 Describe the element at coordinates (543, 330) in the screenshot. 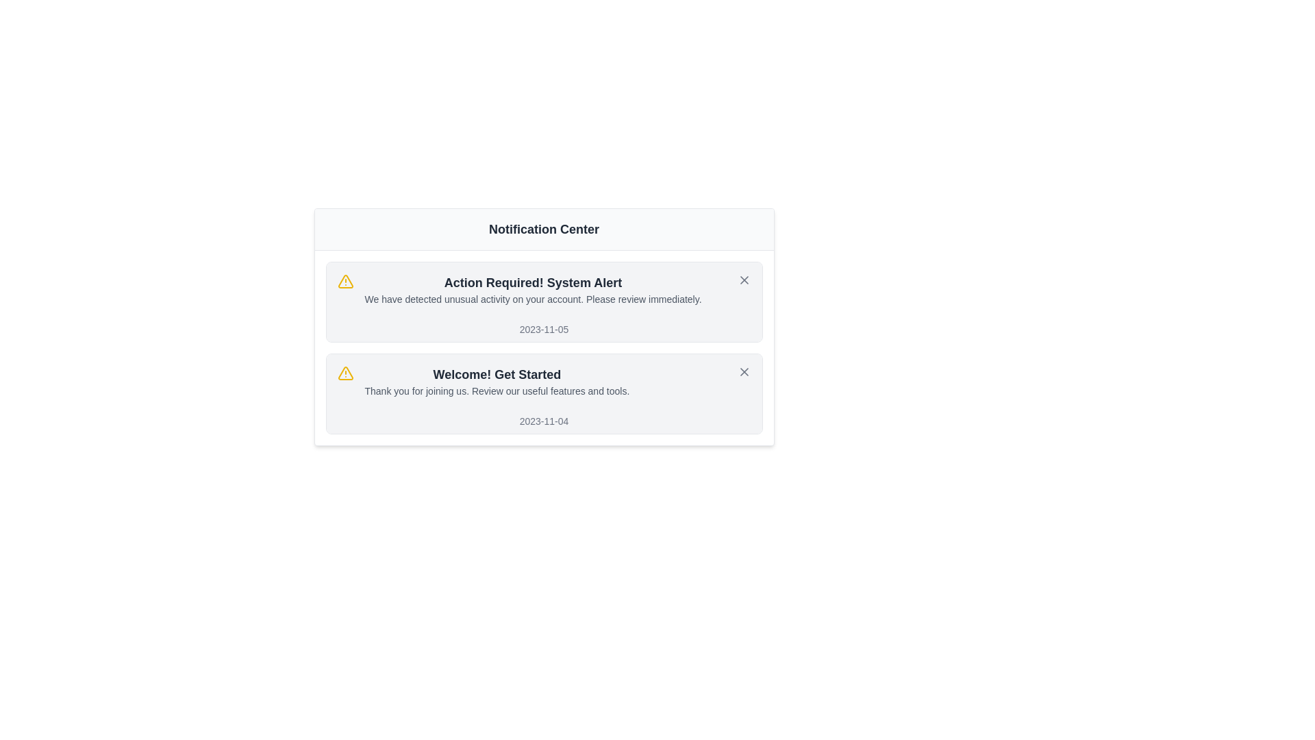

I see `the Text Display element that shows the date '2023-11-05', which is a gray box with rounded edges located beneath the message 'Action Required! System Alert' in the Notification Center panel` at that location.